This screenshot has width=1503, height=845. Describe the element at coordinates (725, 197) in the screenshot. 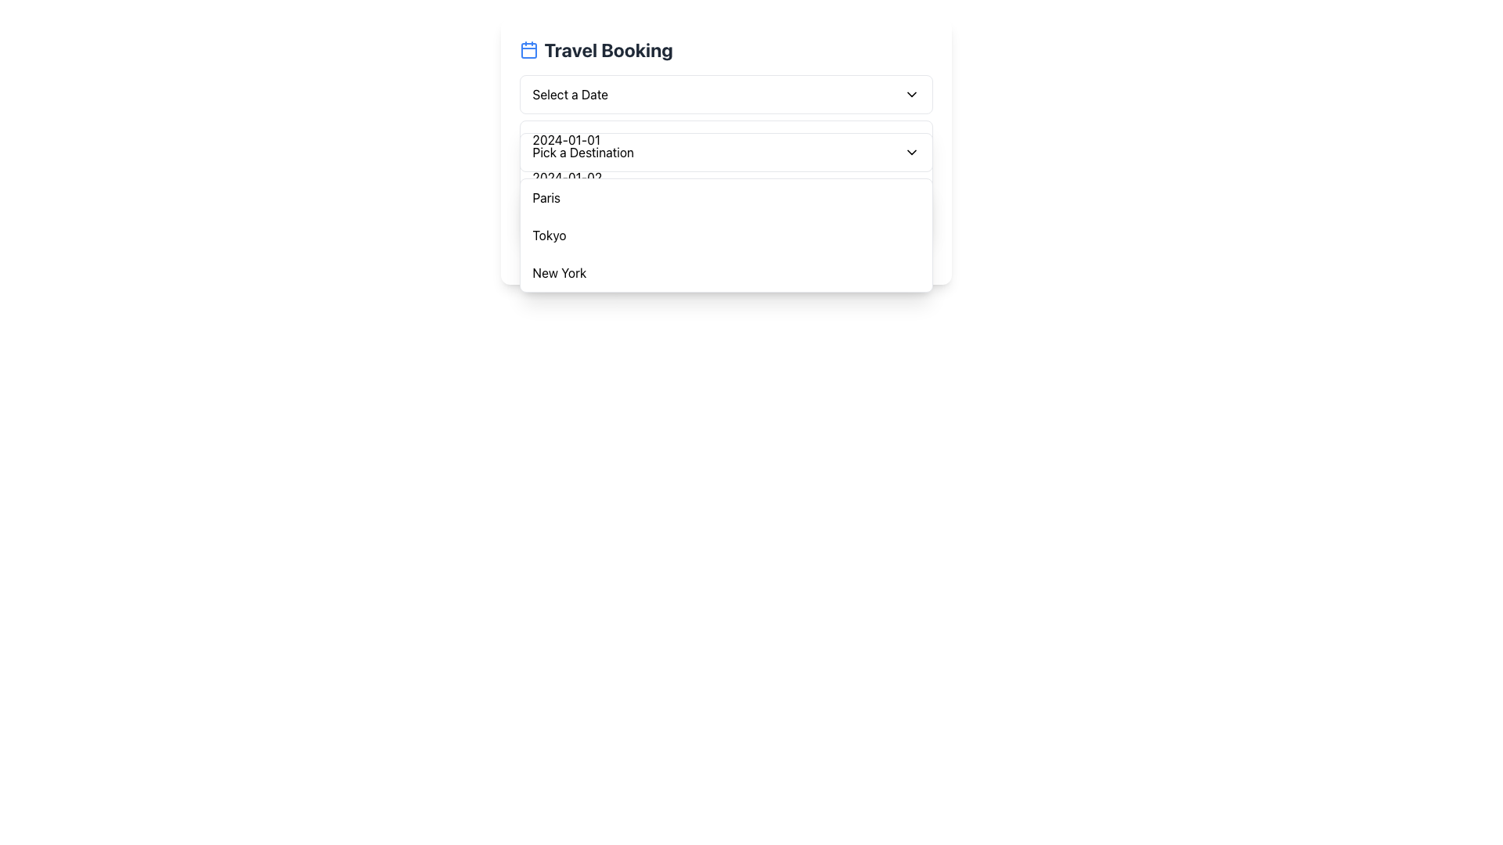

I see `the first item in the 'Pick a Destination' dropdown menu for travel booking, which is located above 'Tokyo' and 'New York'` at that location.